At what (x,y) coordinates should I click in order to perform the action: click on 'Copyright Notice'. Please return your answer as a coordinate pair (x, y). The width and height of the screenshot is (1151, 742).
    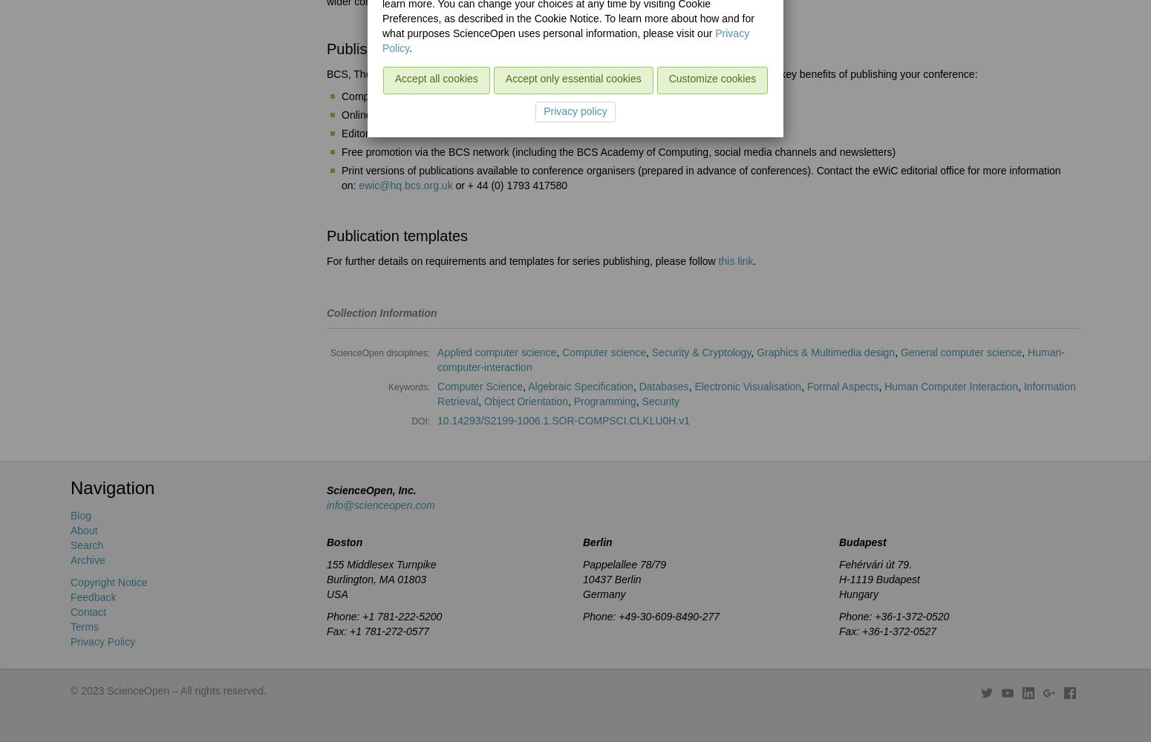
    Looking at the image, I should click on (108, 582).